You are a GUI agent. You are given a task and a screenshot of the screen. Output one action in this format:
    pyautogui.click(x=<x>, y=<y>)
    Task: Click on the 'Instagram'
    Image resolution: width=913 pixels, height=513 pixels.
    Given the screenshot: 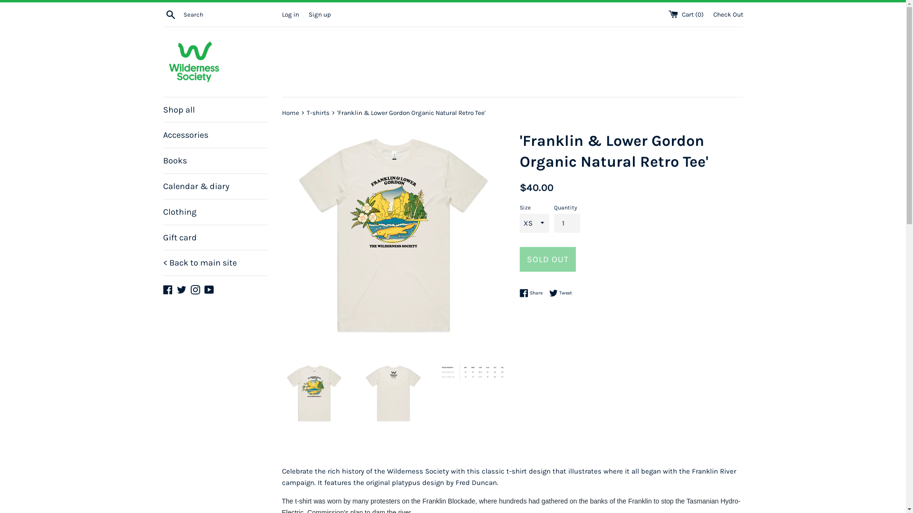 What is the action you would take?
    pyautogui.click(x=194, y=288)
    